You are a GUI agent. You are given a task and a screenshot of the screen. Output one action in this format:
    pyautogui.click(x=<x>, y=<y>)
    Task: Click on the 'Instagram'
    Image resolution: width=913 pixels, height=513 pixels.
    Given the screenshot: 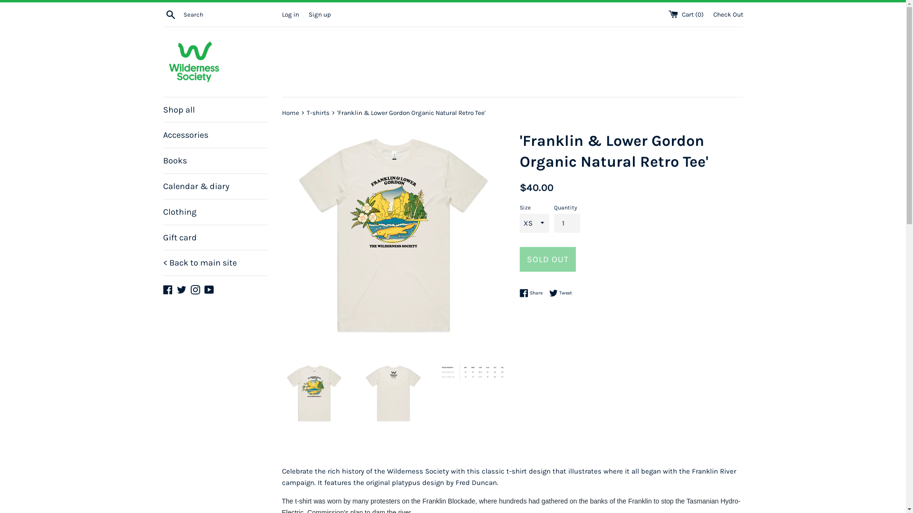 What is the action you would take?
    pyautogui.click(x=194, y=288)
    